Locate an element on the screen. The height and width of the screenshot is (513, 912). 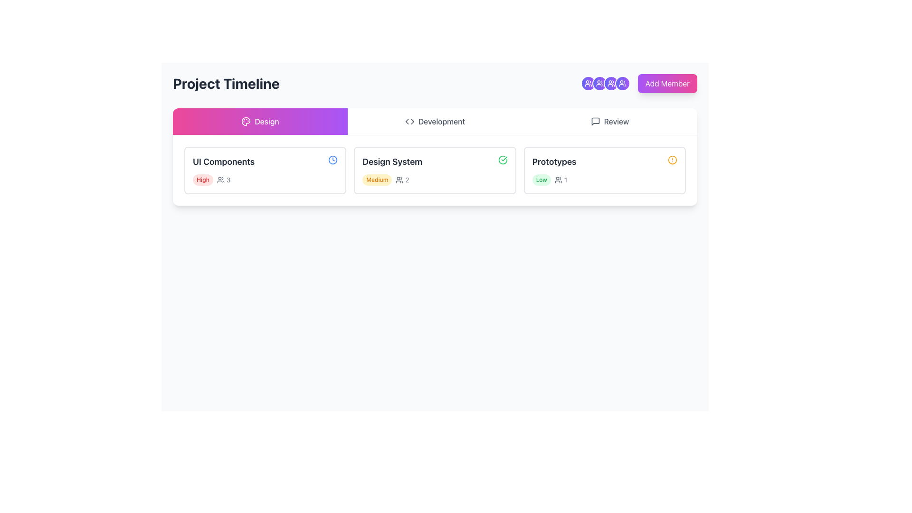
the Status Summary Box for the 'Prototypes' phase in the Project Timeline is located at coordinates (604, 170).